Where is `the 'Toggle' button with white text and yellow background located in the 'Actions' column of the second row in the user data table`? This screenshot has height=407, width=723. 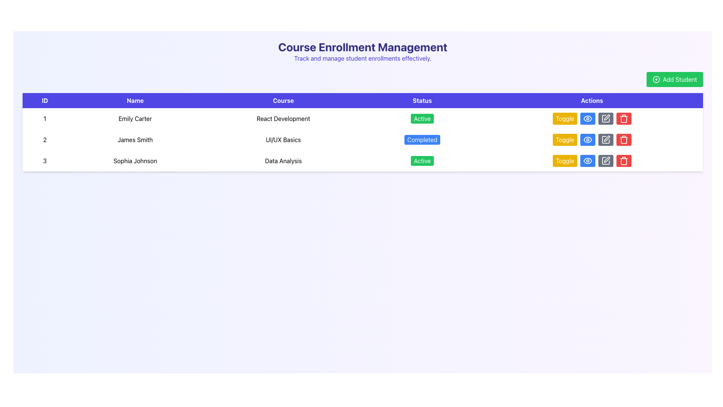
the 'Toggle' button with white text and yellow background located in the 'Actions' column of the second row in the user data table is located at coordinates (564, 139).